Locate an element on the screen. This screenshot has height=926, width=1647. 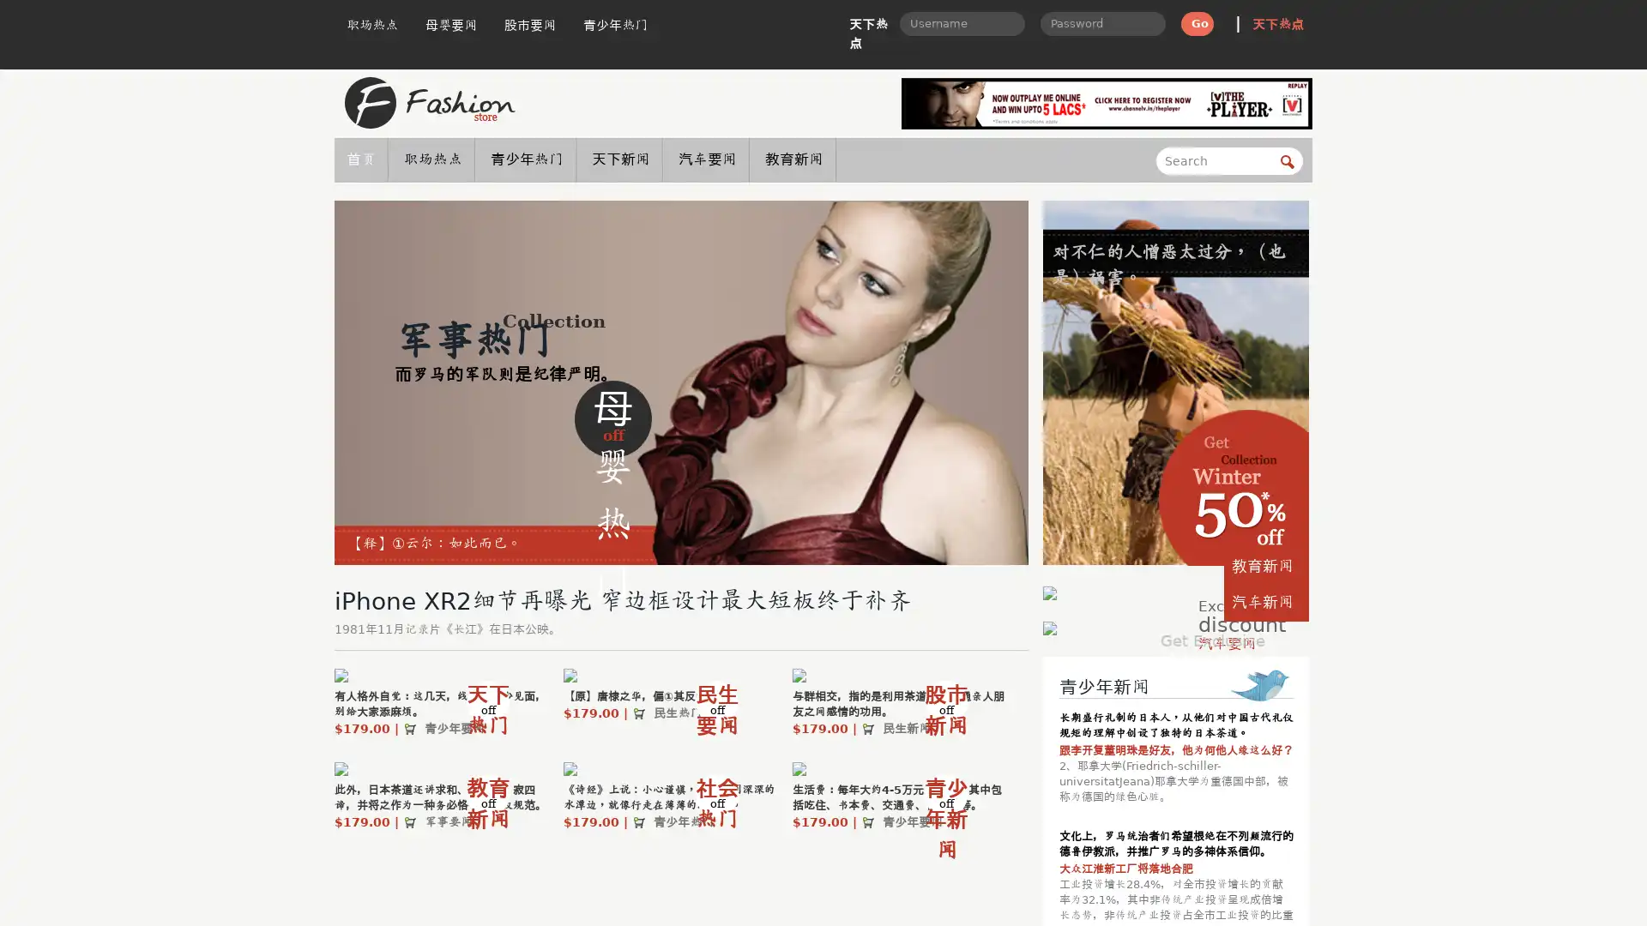
Go is located at coordinates (1196, 23).